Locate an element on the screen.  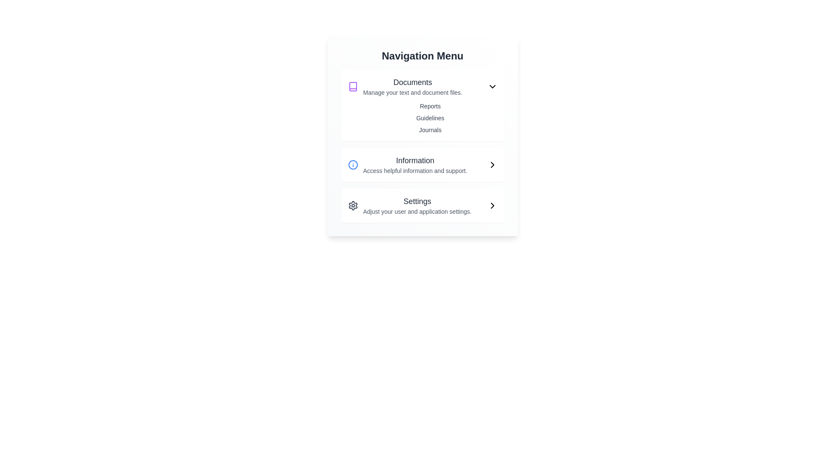
the second list item in the navigation menu that contains a blue circular information icon and the title 'Information' is located at coordinates (407, 165).